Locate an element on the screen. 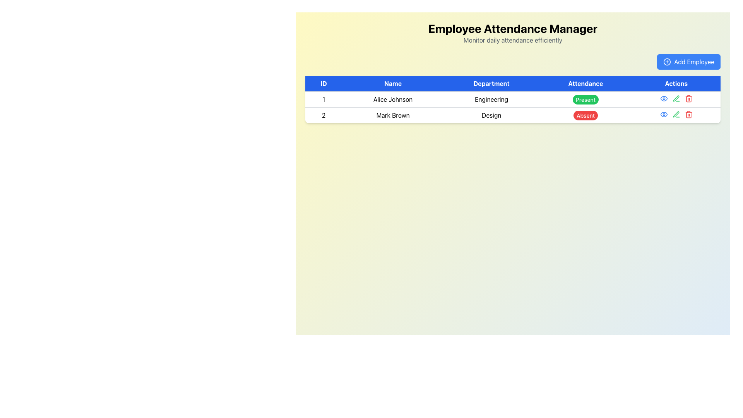  text label that displays the name 'Alice Johnson', which is located in the second cell of the first row of the table under the 'Name' column is located at coordinates (393, 99).